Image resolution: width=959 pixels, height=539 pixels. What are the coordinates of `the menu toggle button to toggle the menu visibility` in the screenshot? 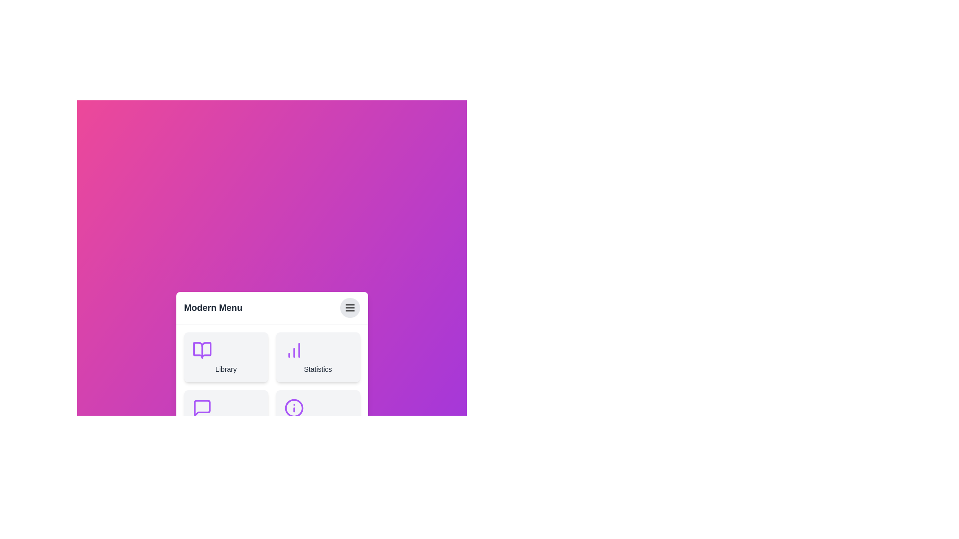 It's located at (350, 307).